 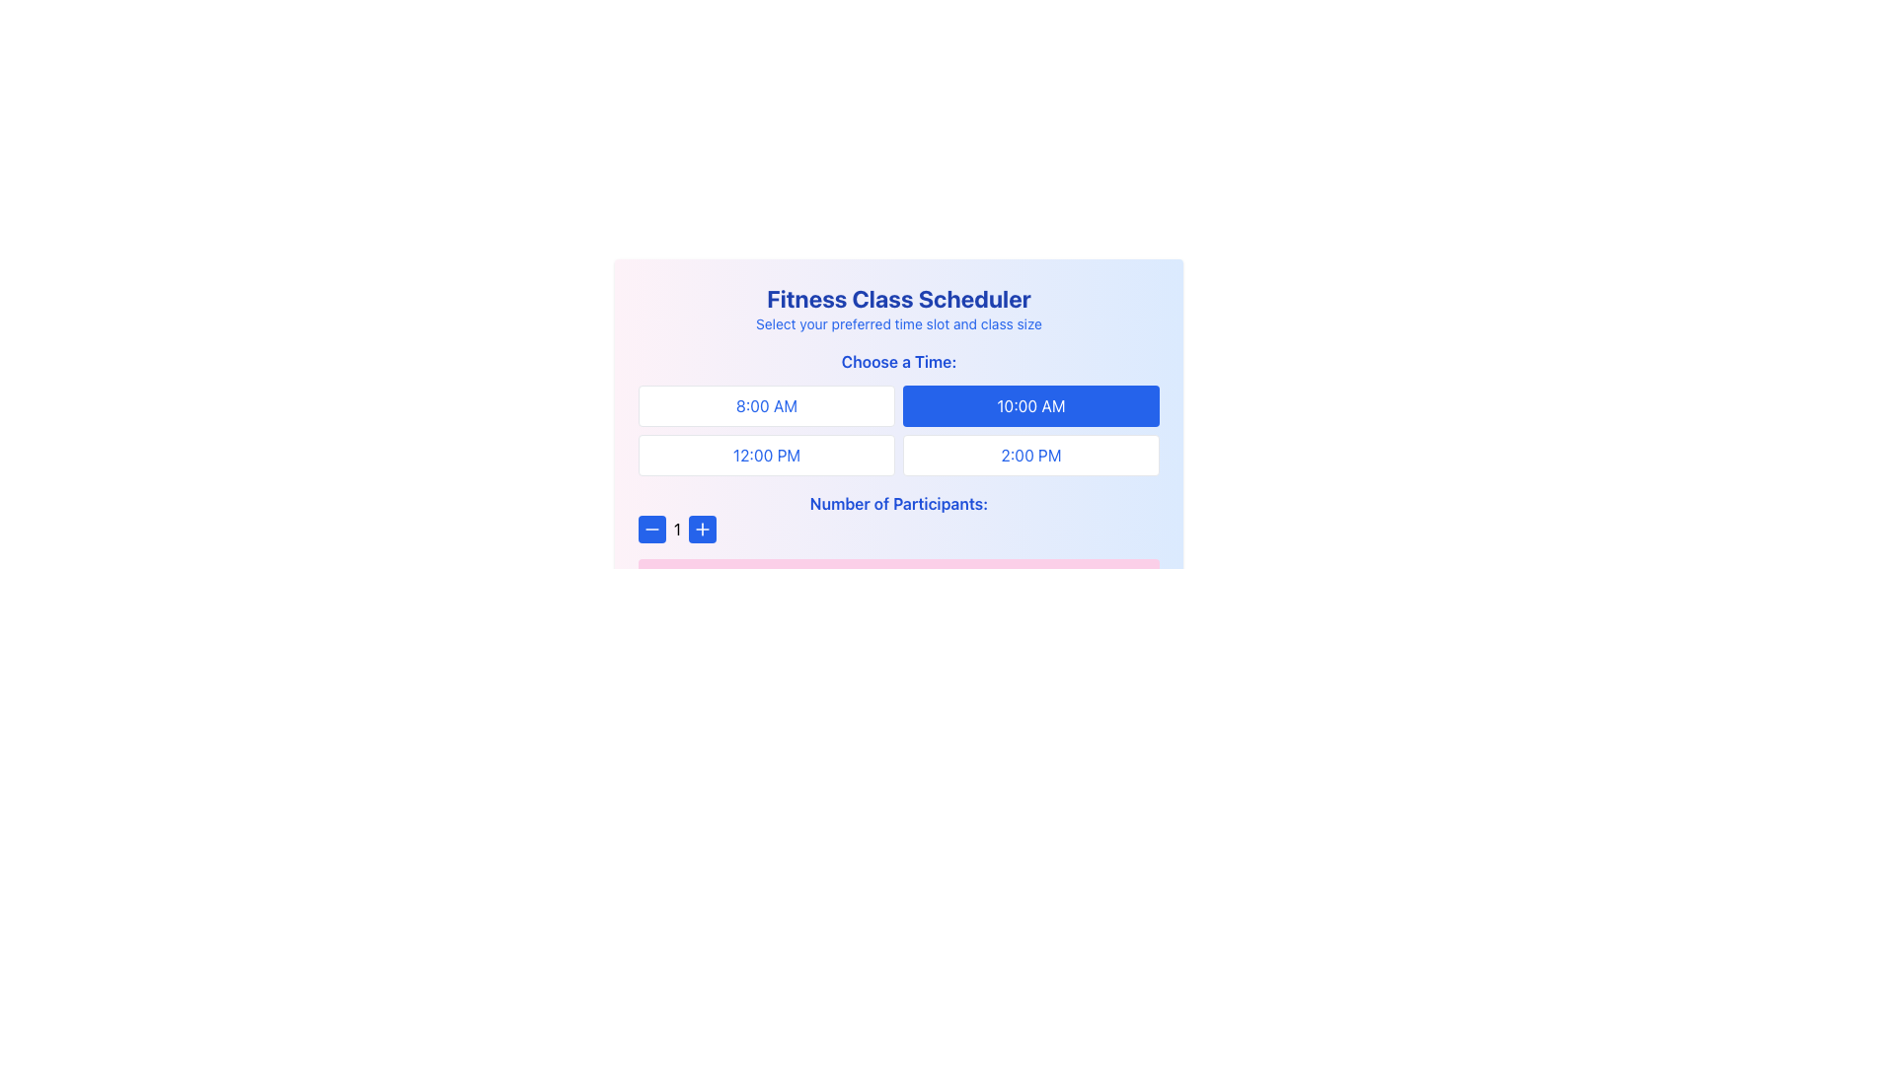 What do you see at coordinates (898, 502) in the screenshot?
I see `the text label 'Number of Participants:' which is displayed in bold and blue font, located near the bottom of the form above the controls for adjusting the number of participants` at bounding box center [898, 502].